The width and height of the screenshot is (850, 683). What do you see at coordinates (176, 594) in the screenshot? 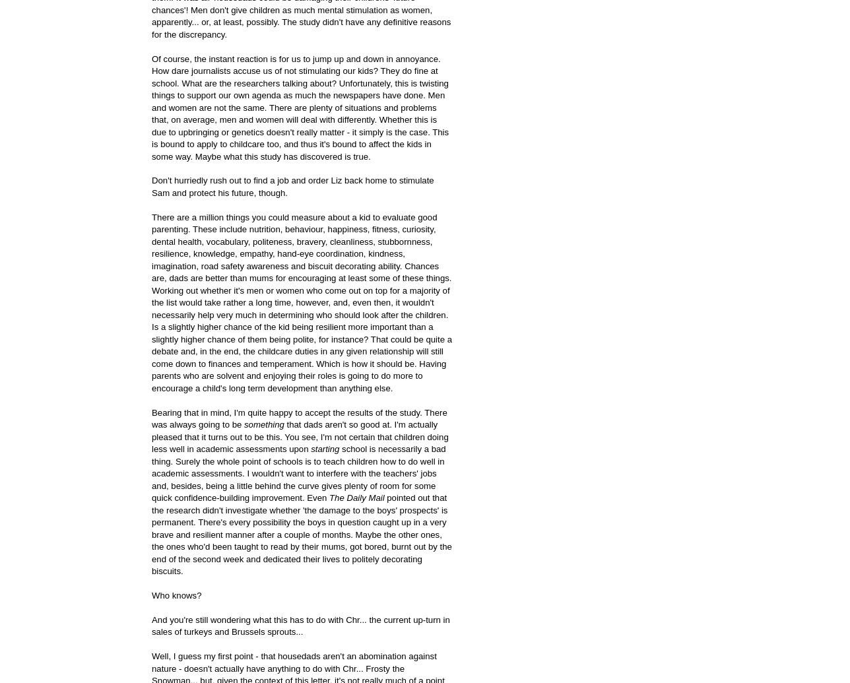
I see `'Who knows?'` at bounding box center [176, 594].